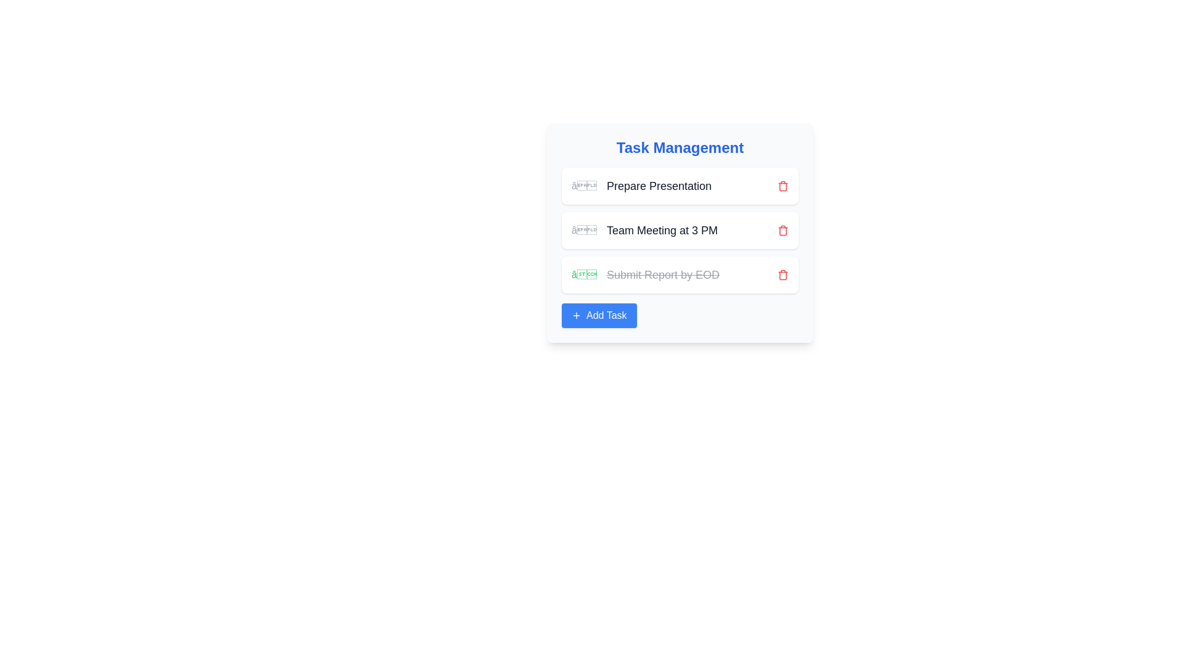 The height and width of the screenshot is (666, 1184). I want to click on the green checkmark (✓) symbol in the task list, which indicates a completed task next to the text 'Submit Report by EOD', so click(583, 274).